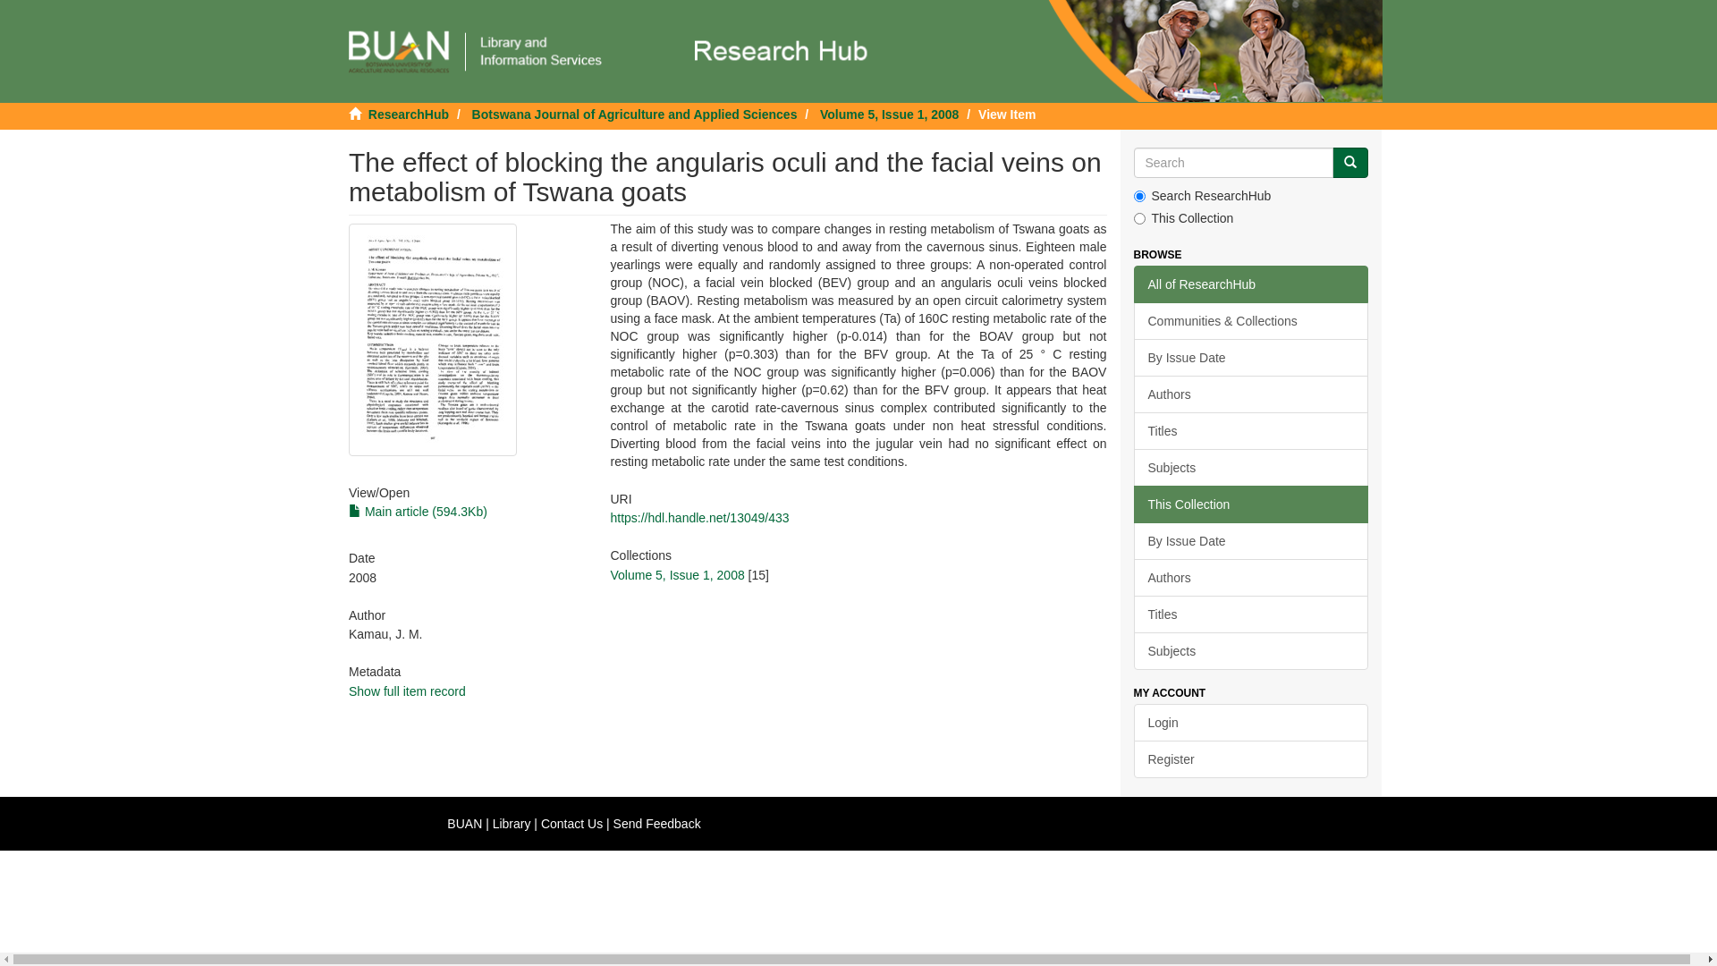 The height and width of the screenshot is (966, 1717). Describe the element at coordinates (698, 517) in the screenshot. I see `'https://hdl.handle.net/13049/433'` at that location.